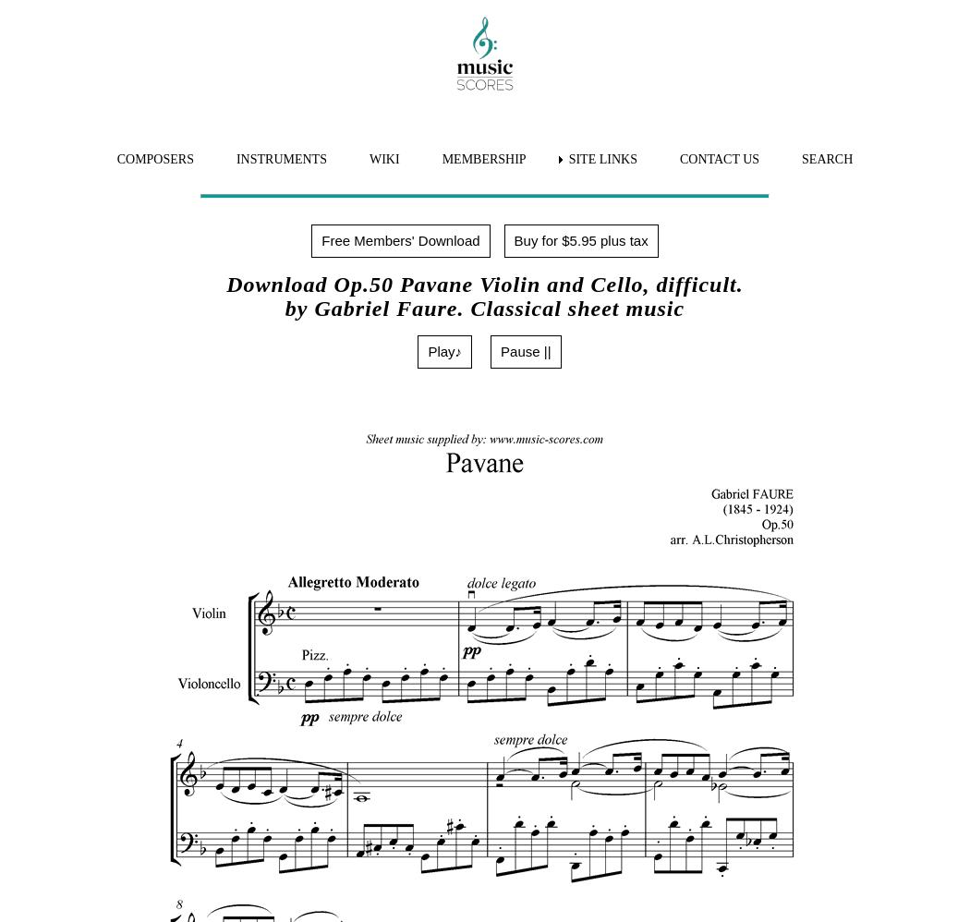 This screenshot has height=922, width=970. I want to click on 'Buy for $5.95 plus tax', so click(580, 239).